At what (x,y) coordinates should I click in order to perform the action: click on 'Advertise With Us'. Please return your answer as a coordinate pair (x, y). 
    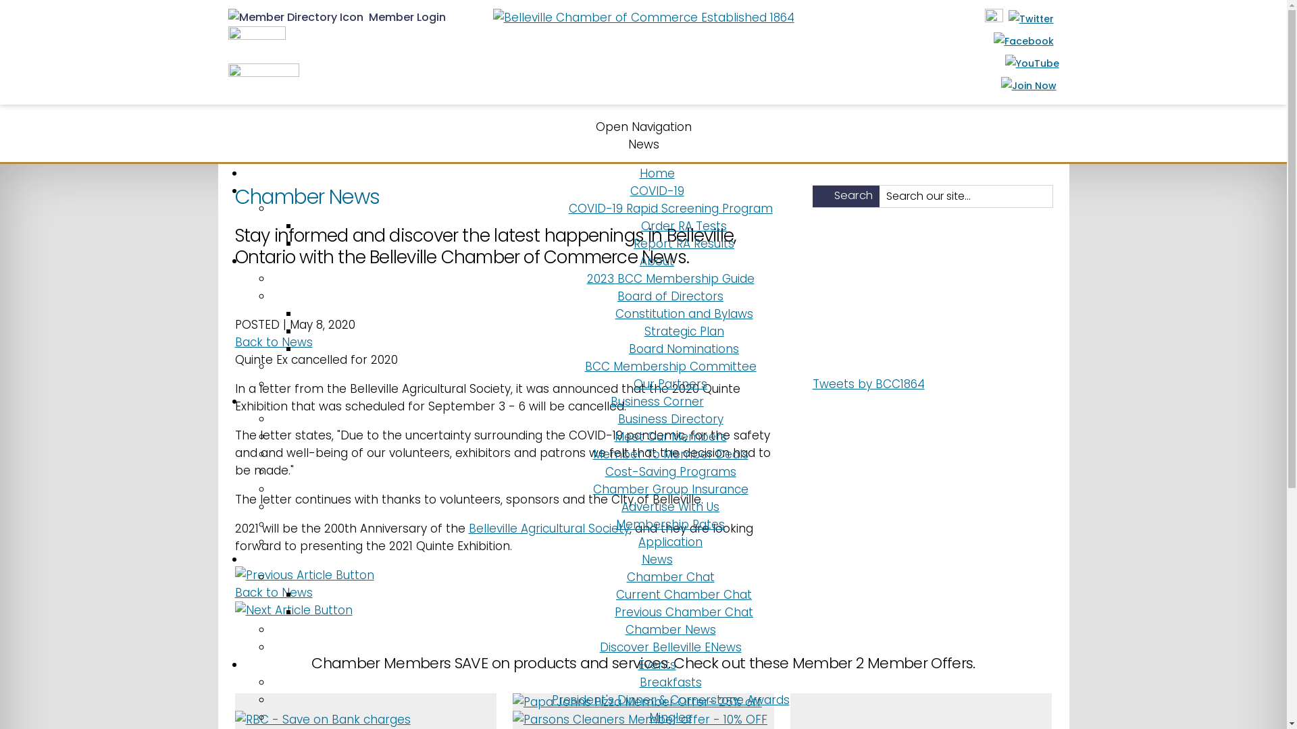
    Looking at the image, I should click on (670, 507).